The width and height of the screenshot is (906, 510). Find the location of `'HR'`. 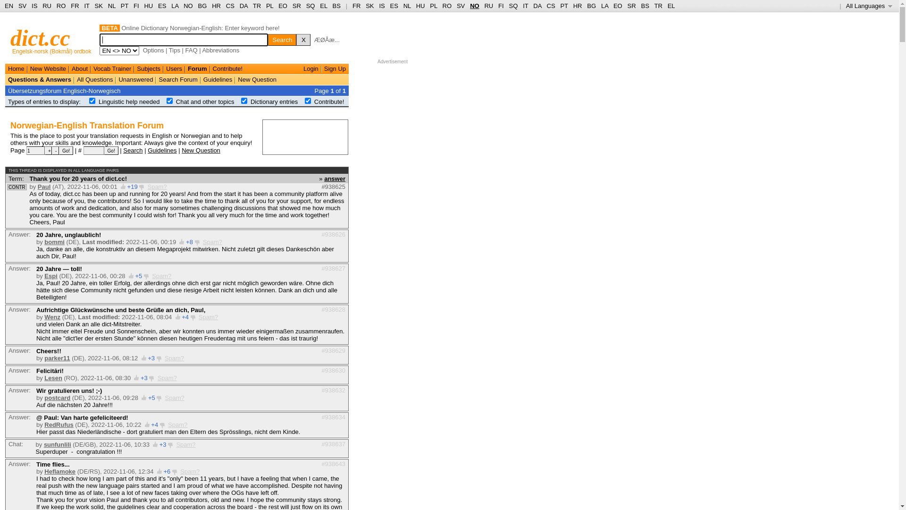

'HR' is located at coordinates (216, 6).